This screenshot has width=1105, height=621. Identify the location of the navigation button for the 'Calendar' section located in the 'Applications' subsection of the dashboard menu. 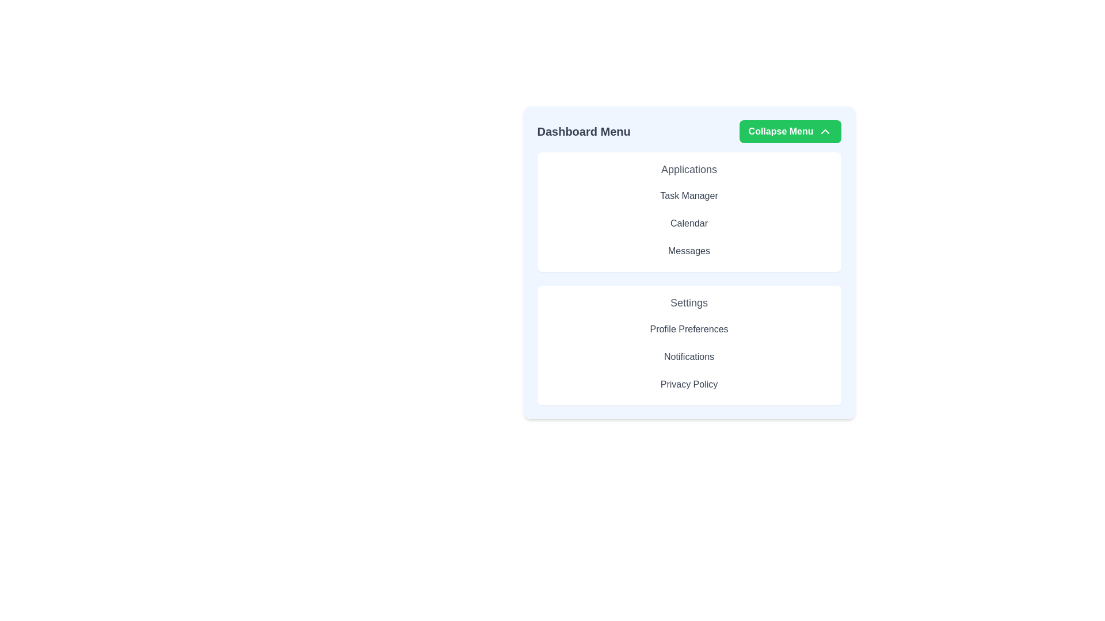
(689, 224).